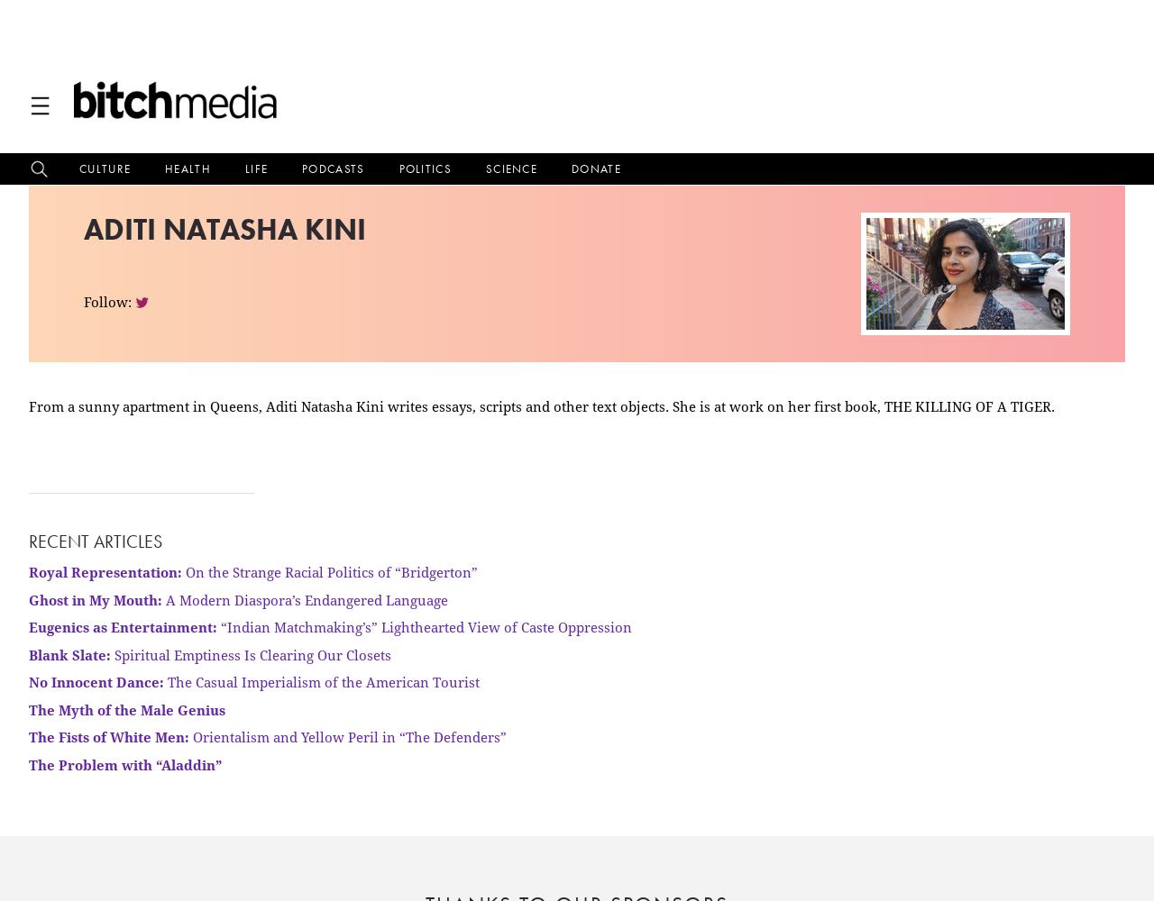 The height and width of the screenshot is (901, 1154). Describe the element at coordinates (424, 626) in the screenshot. I see `'“Indian Matchmaking’s” Lighthearted View of Caste Oppression'` at that location.